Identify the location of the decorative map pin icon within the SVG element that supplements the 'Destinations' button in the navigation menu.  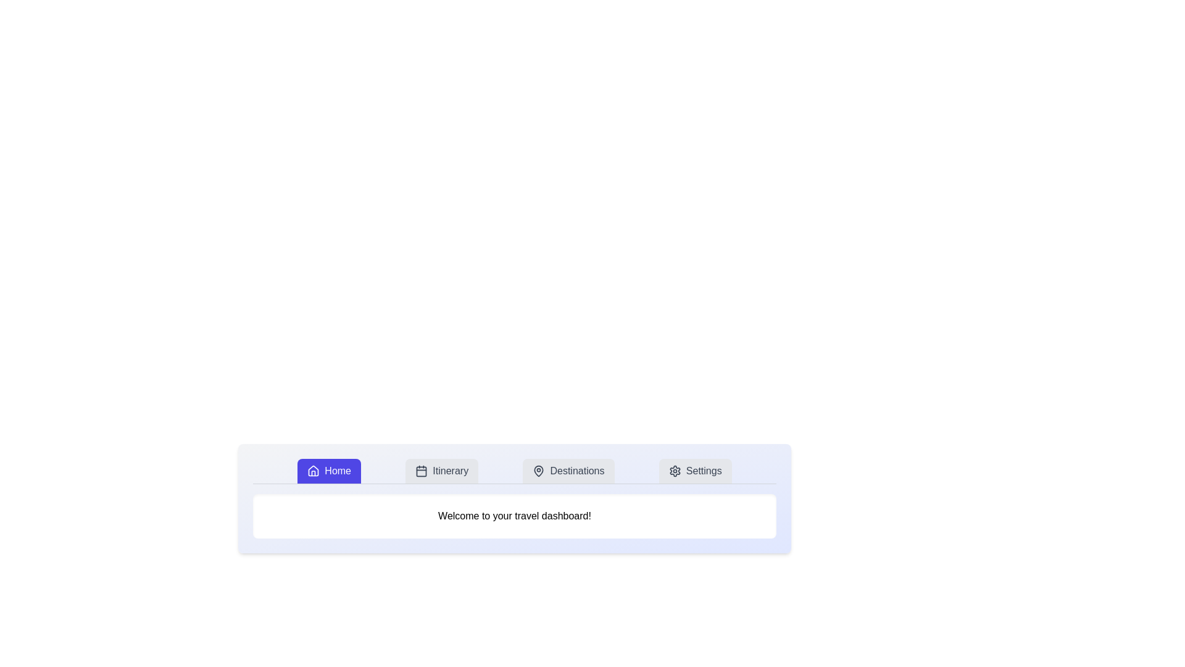
(539, 471).